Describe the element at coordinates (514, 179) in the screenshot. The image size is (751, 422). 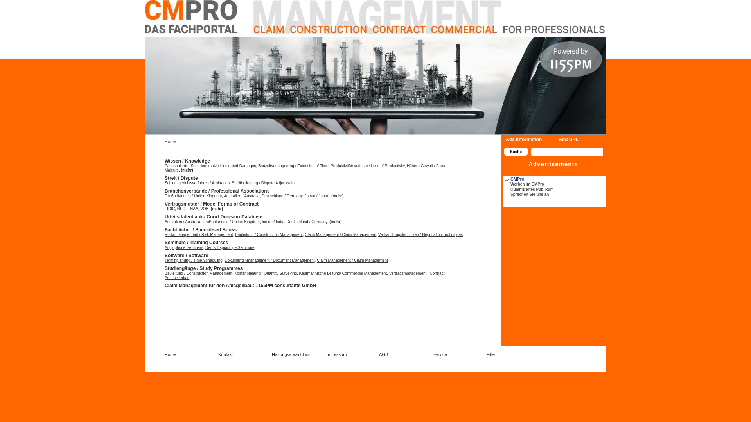
I see `'CMPro'` at that location.